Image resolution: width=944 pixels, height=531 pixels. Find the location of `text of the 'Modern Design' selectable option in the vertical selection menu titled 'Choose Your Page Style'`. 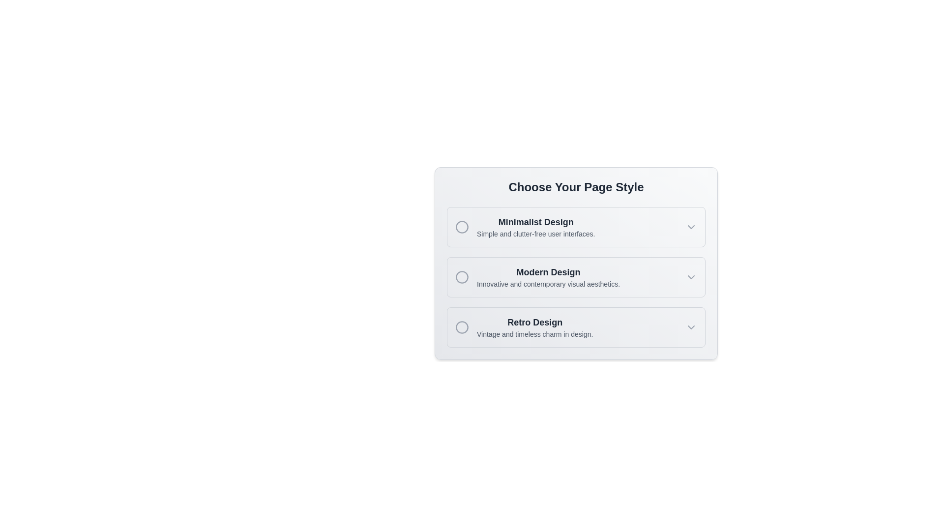

text of the 'Modern Design' selectable option in the vertical selection menu titled 'Choose Your Page Style' is located at coordinates (537, 277).